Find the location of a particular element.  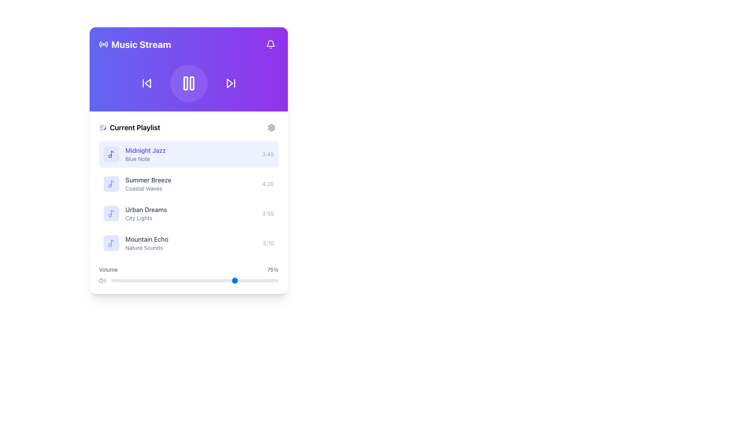

the 'Skip Forward' button located in the top-right area of the purple header section, which is to the right of the pause button and aligned with it is located at coordinates (230, 83).